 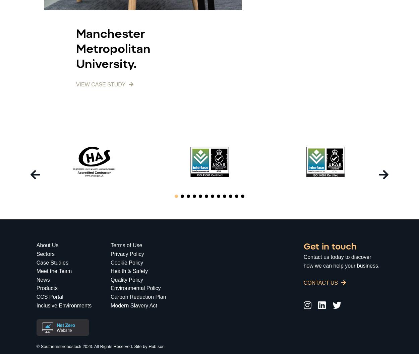 I want to click on 'Environmental Policy', so click(x=135, y=288).